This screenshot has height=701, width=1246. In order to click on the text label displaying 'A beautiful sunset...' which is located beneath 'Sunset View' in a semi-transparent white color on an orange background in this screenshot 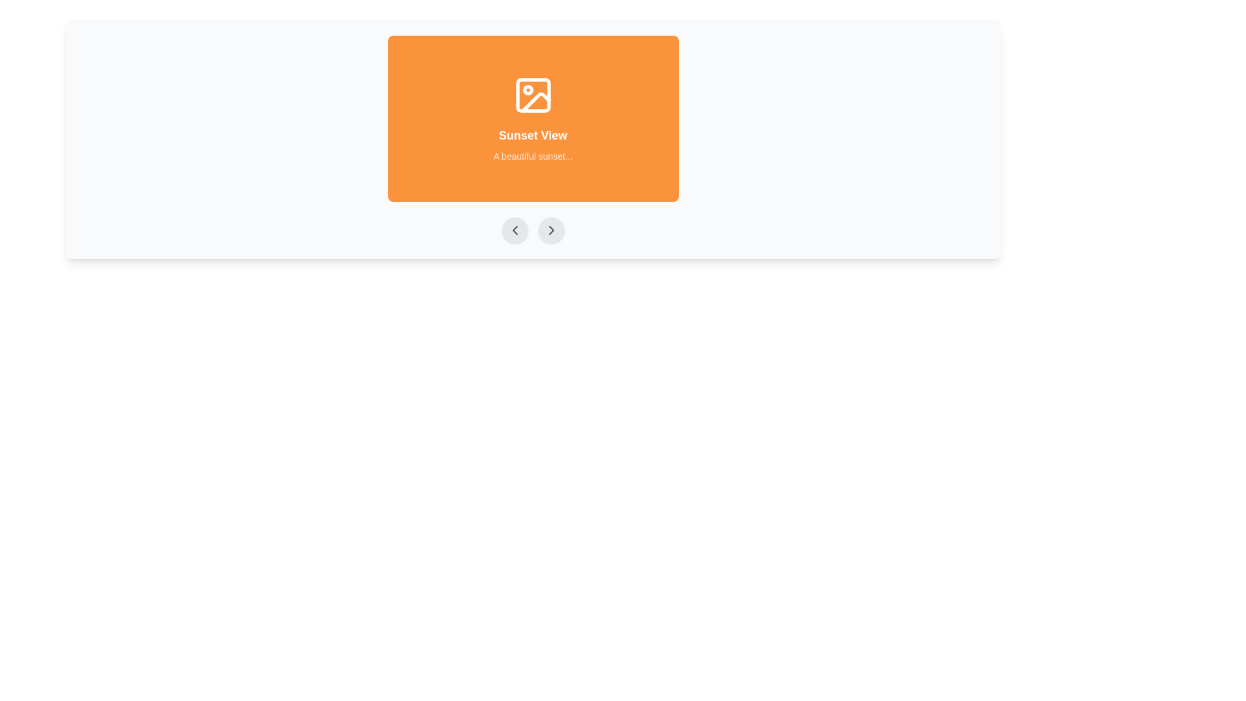, I will do `click(533, 155)`.